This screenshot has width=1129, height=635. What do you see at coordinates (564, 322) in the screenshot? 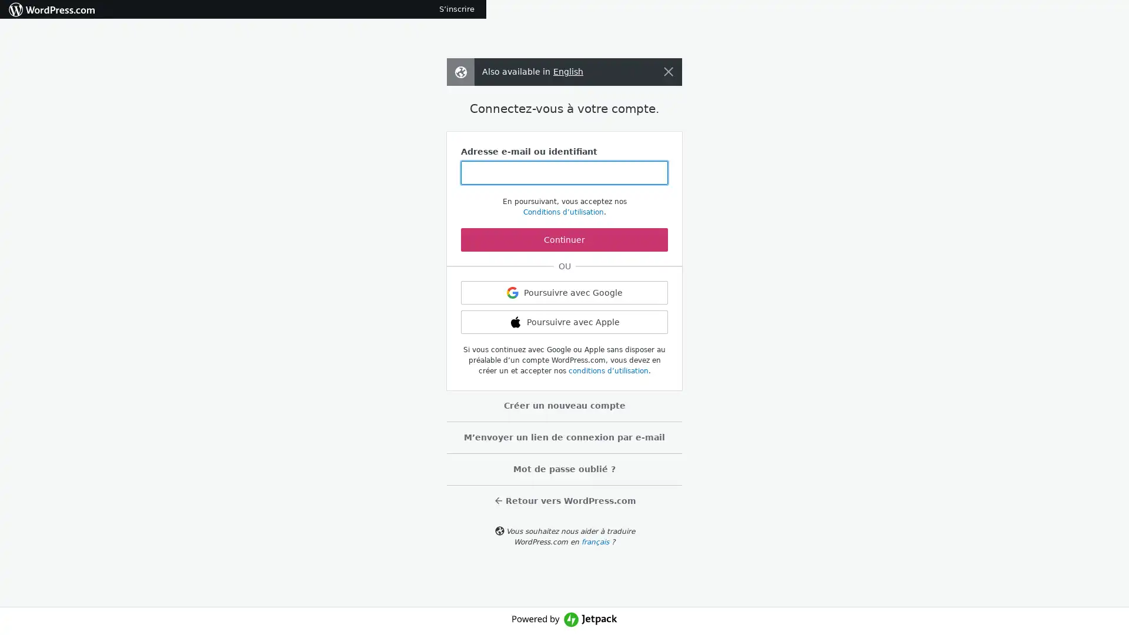
I see `Poursuivre avec Apple` at bounding box center [564, 322].